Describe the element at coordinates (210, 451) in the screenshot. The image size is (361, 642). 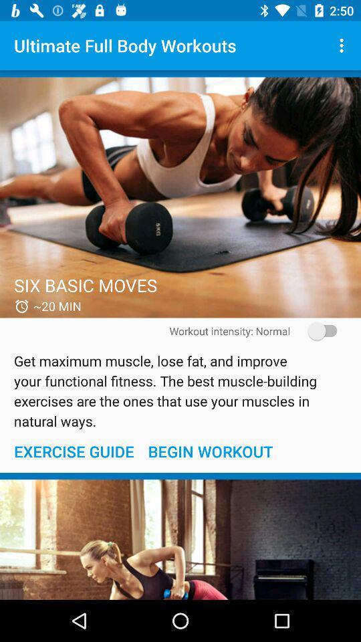
I see `item to the right of exercise guide item` at that location.